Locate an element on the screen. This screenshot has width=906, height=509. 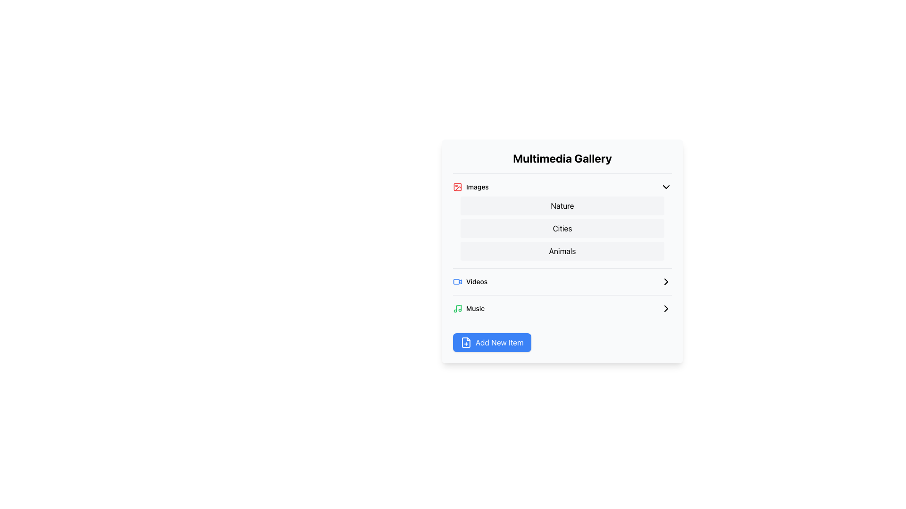
the add new item icon located to the left of the 'Add New Item' text within the blue button at the bottom of the interface, below the 'Music' section in the 'Multimedia Gallery' listing is located at coordinates (466, 342).